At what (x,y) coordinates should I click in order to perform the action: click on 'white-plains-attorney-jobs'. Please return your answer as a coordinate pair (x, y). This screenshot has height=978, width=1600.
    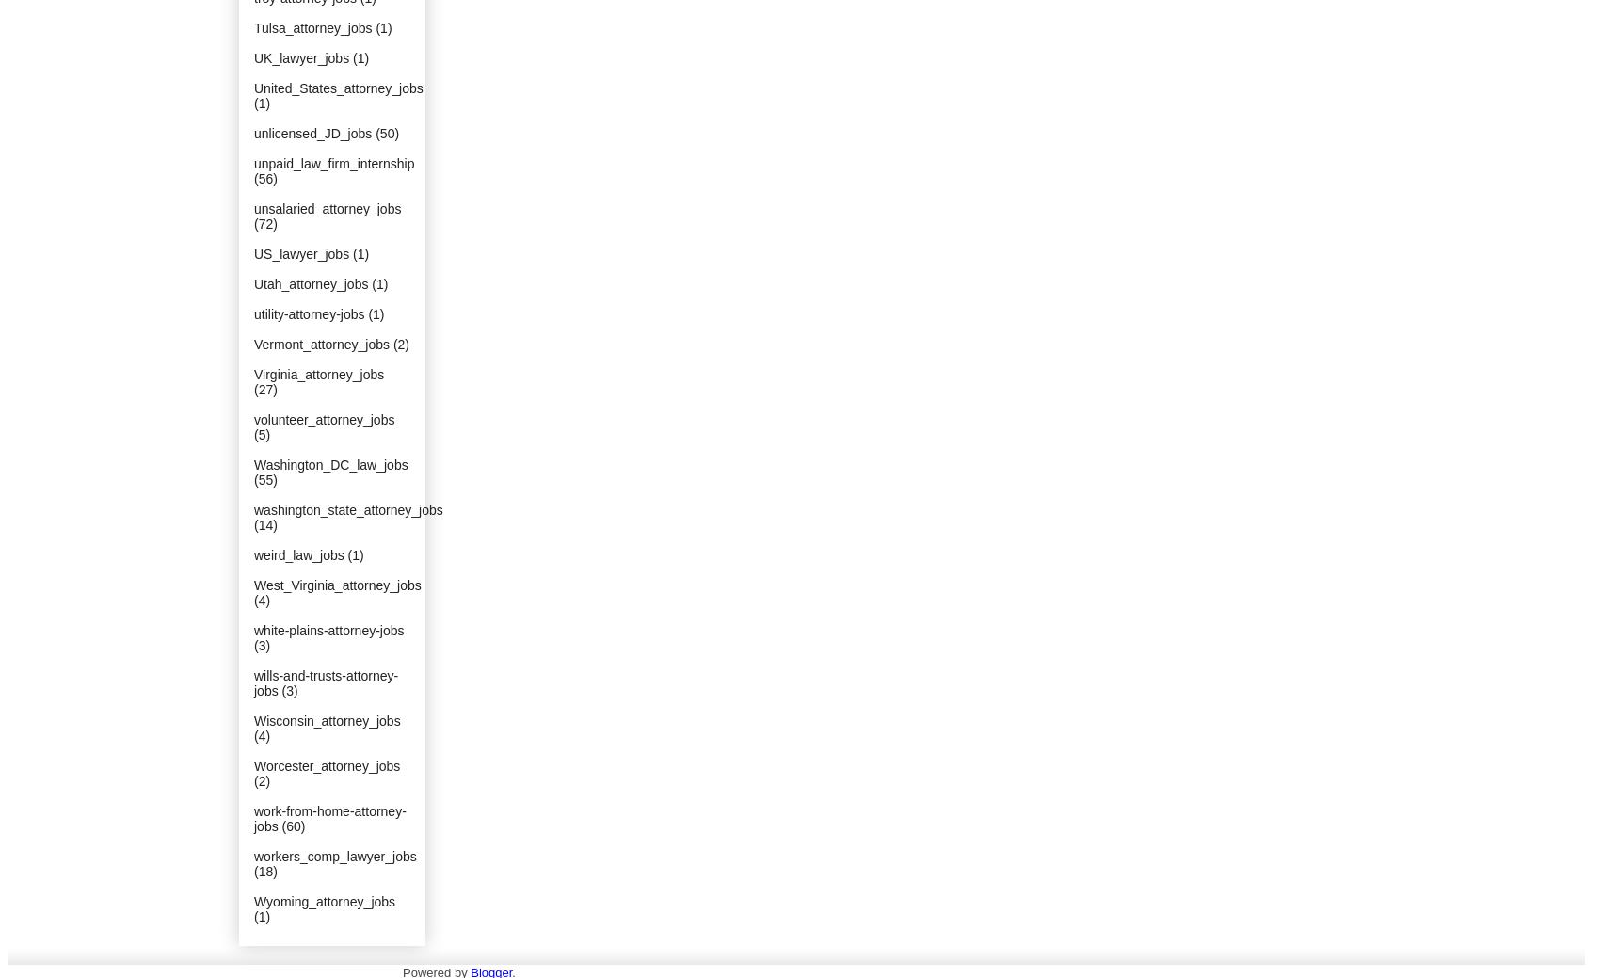
    Looking at the image, I should click on (253, 631).